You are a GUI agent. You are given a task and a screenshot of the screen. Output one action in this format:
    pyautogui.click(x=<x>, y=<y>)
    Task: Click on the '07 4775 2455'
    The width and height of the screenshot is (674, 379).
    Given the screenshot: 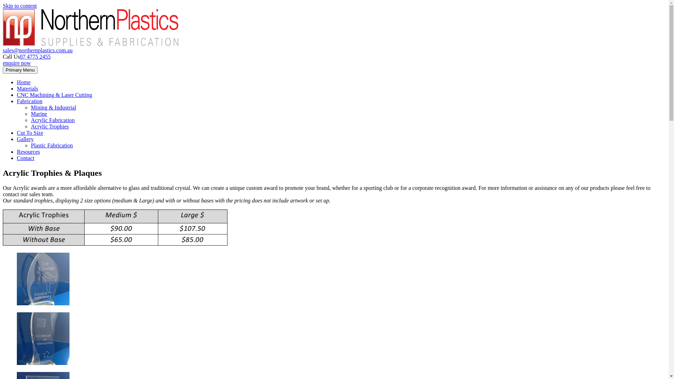 What is the action you would take?
    pyautogui.click(x=20, y=56)
    